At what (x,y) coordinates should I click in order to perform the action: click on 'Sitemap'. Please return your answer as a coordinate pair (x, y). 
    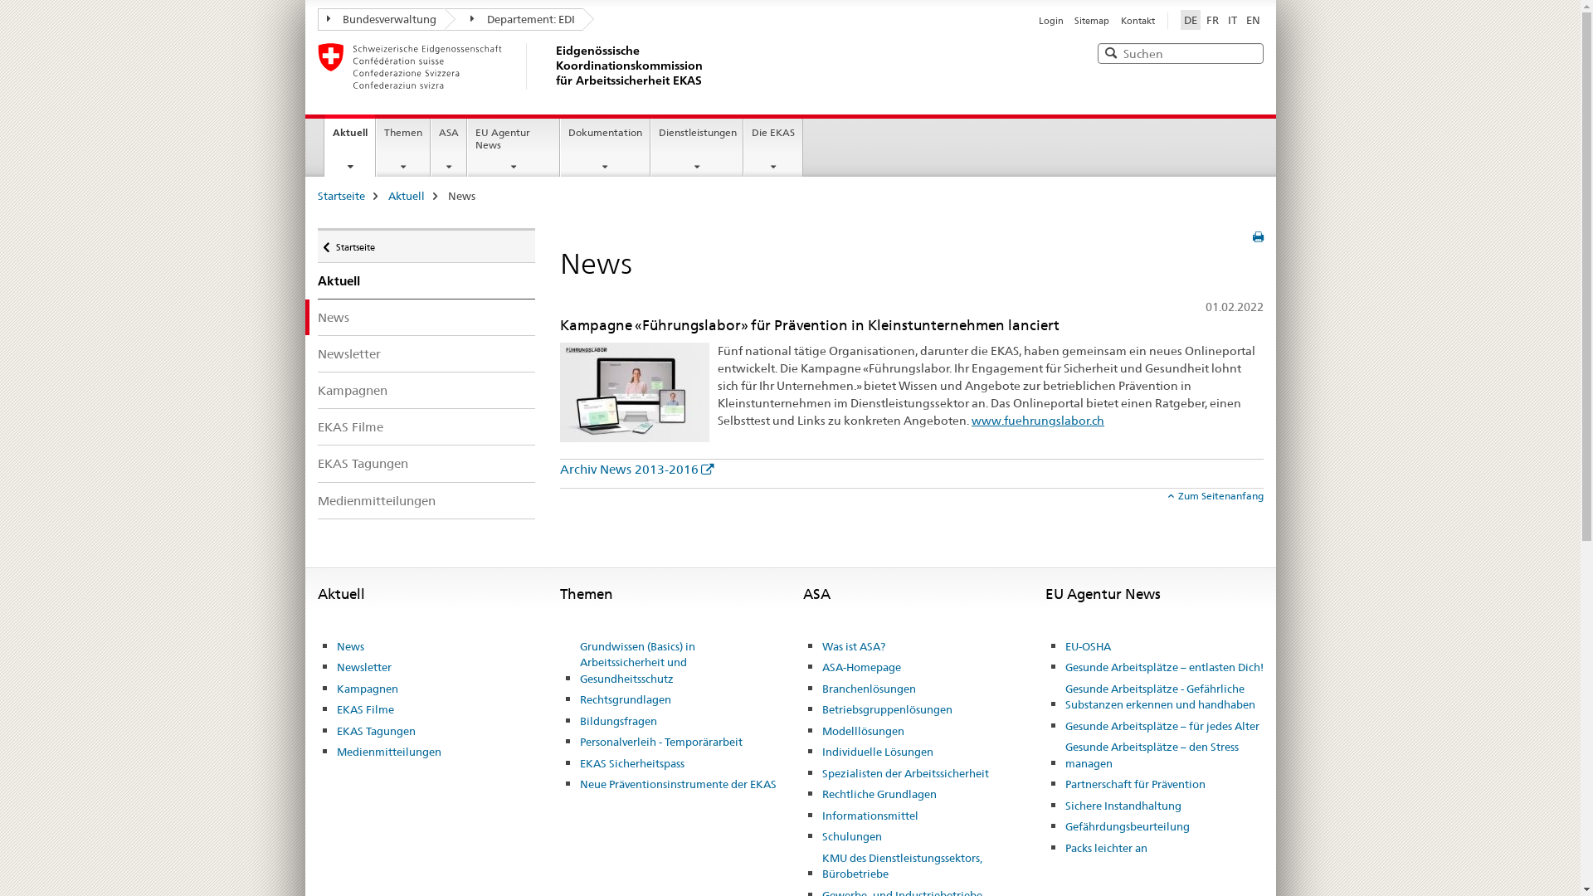
    Looking at the image, I should click on (1074, 20).